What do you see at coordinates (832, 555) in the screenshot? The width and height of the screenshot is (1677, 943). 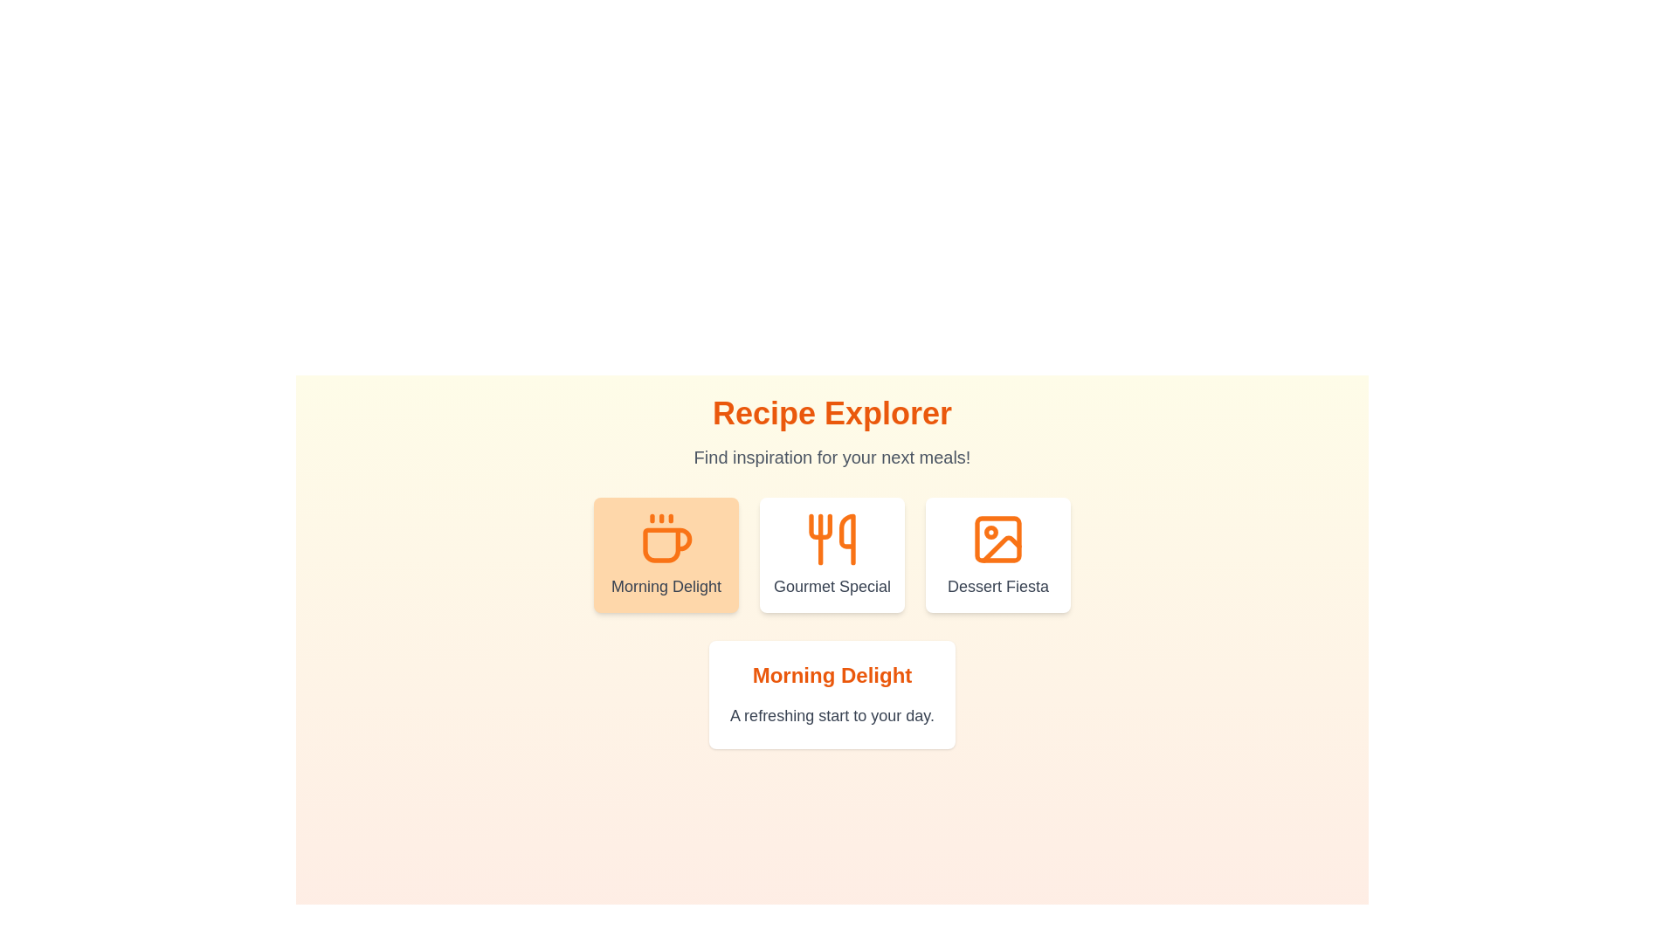 I see `the white rectangular card labeled 'Gourmet Special'` at bounding box center [832, 555].